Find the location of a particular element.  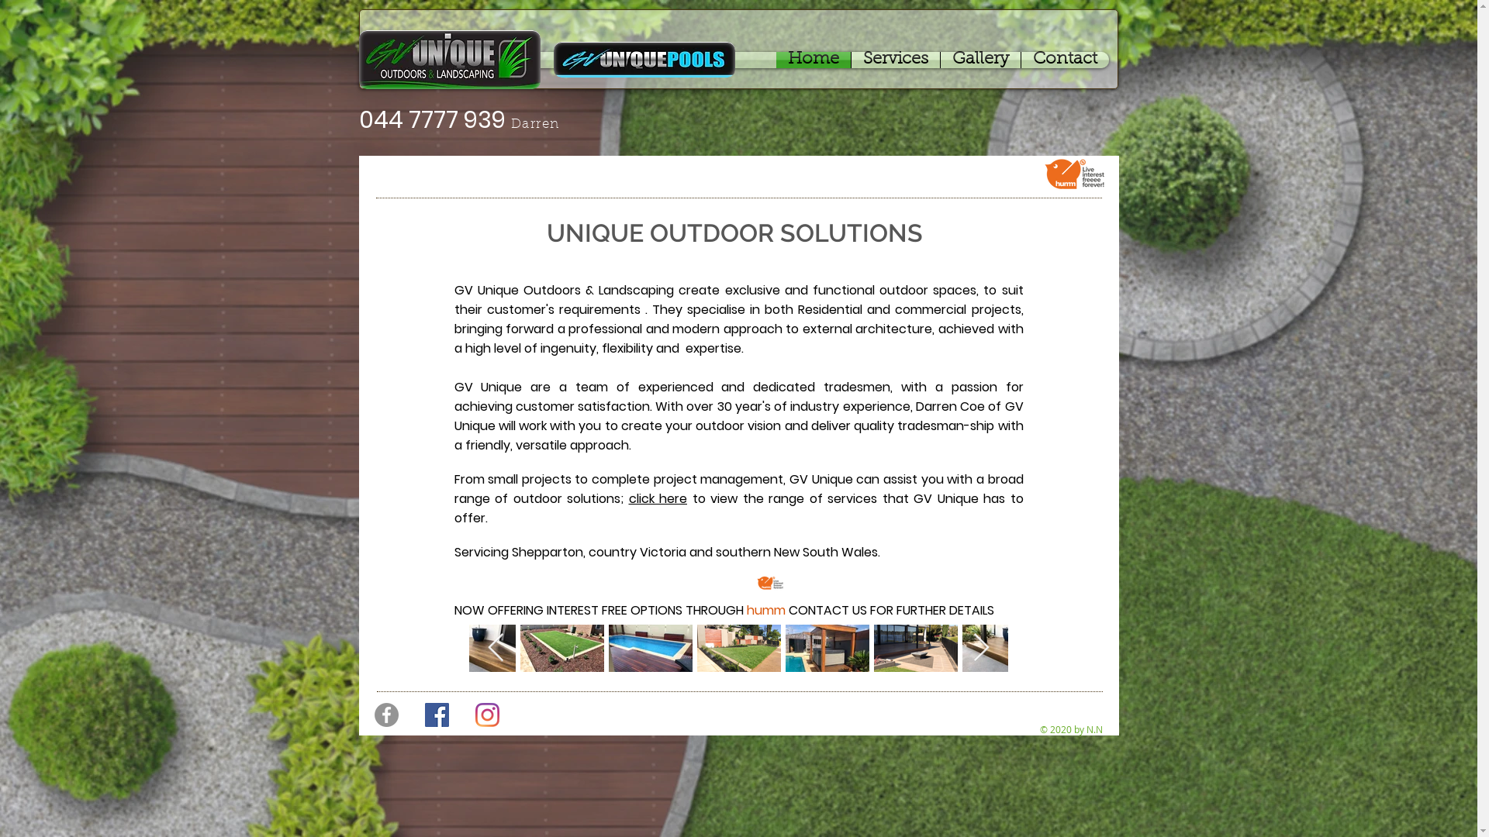

'Home' is located at coordinates (811, 59).